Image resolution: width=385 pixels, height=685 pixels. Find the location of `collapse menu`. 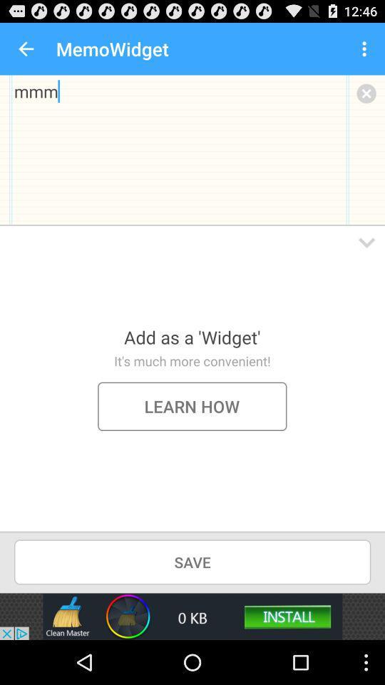

collapse menu is located at coordinates (366, 243).